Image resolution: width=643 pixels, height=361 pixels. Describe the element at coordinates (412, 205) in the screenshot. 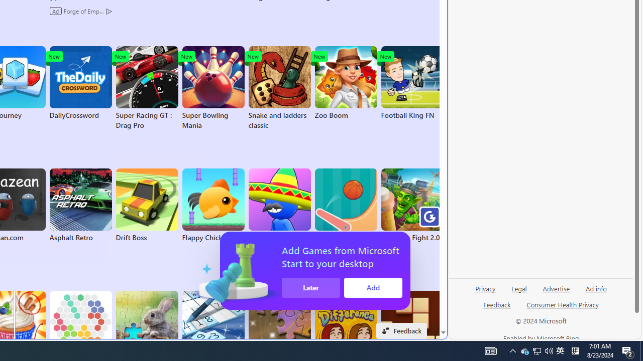

I see `'Kingdom Fight 2.0'` at that location.